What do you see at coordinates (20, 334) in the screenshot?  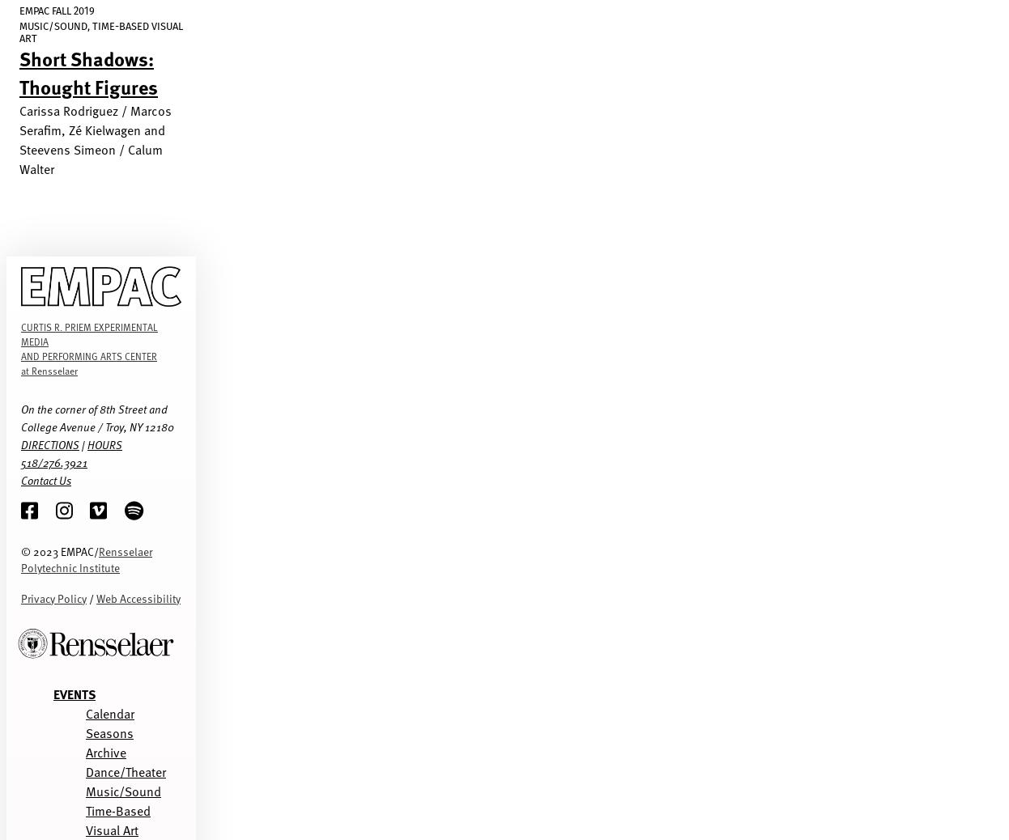 I see `'CURTIS R. PRIEM EXPERIMENTAL MEDIA'` at bounding box center [20, 334].